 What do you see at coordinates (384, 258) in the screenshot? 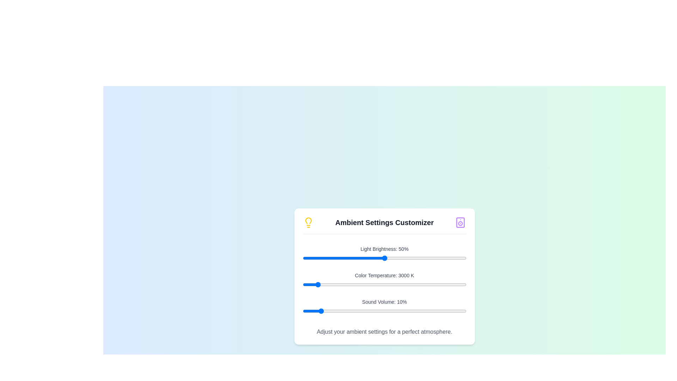
I see `the light brightness range slider` at bounding box center [384, 258].